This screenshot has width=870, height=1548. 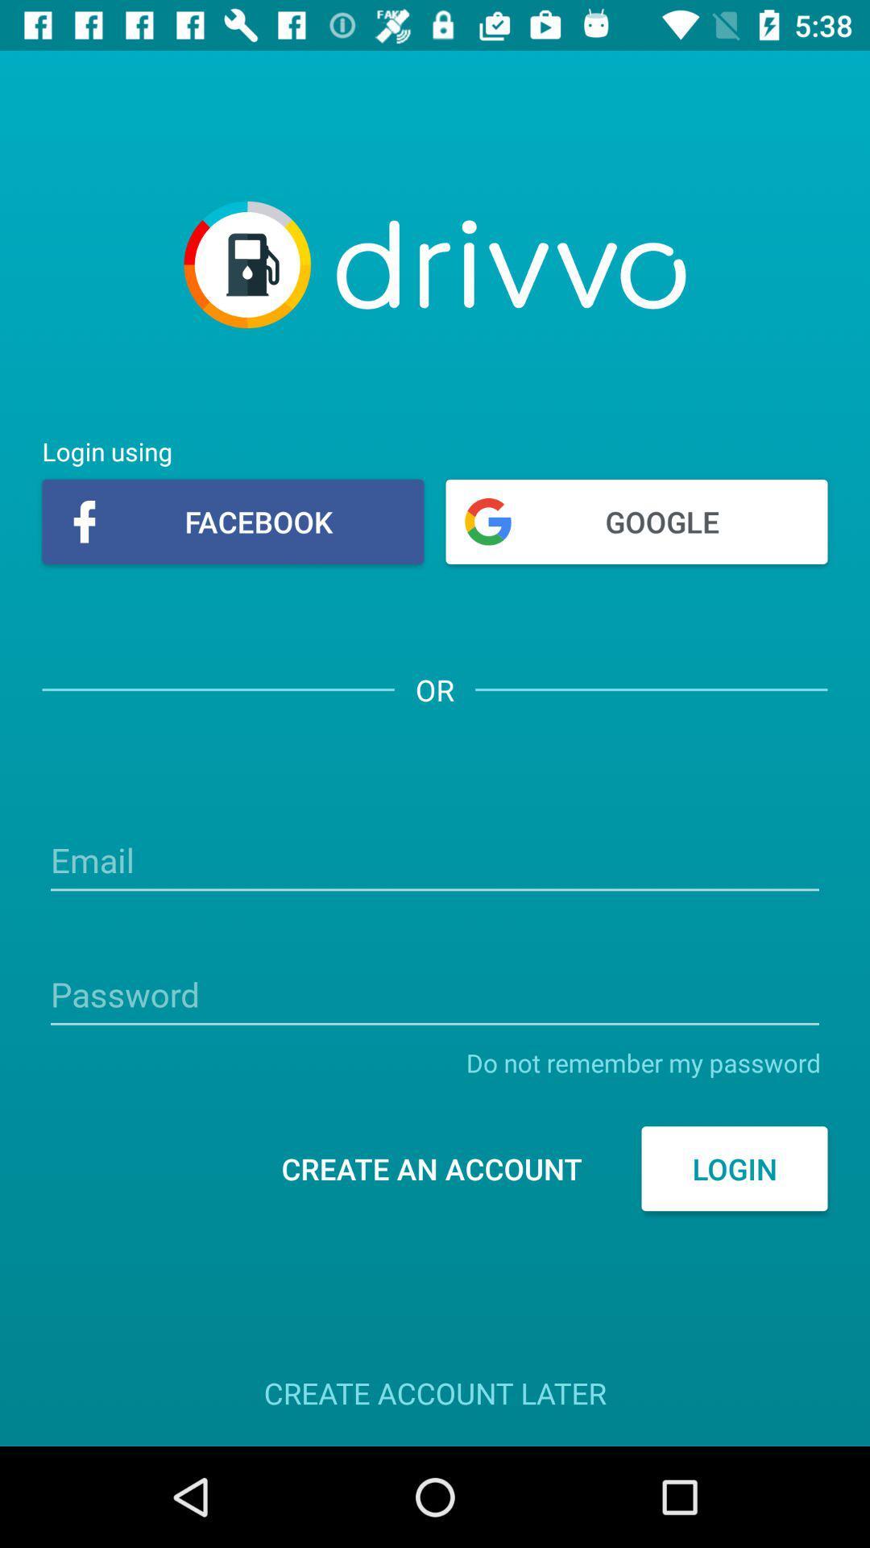 I want to click on password to login, so click(x=435, y=996).